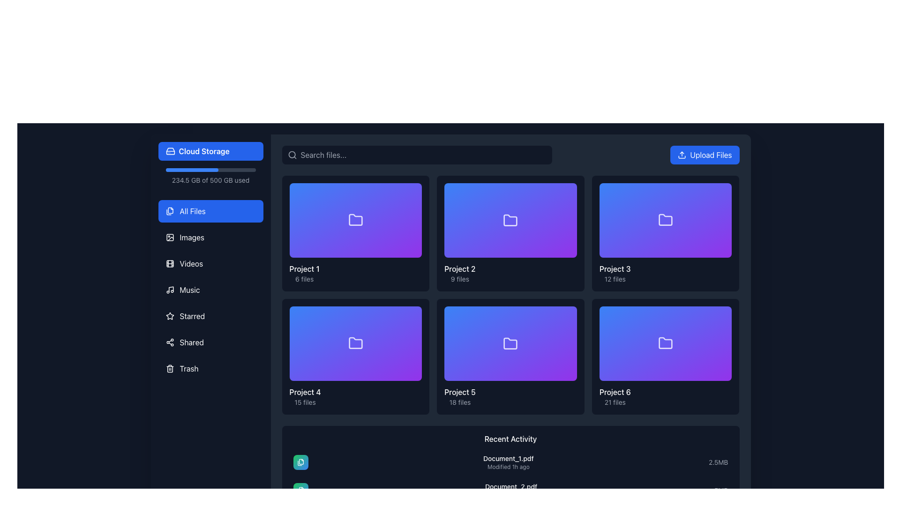 The width and height of the screenshot is (900, 506). I want to click on the navigational text label in the secondary navigation panel on the left side of the interface, so click(191, 342).